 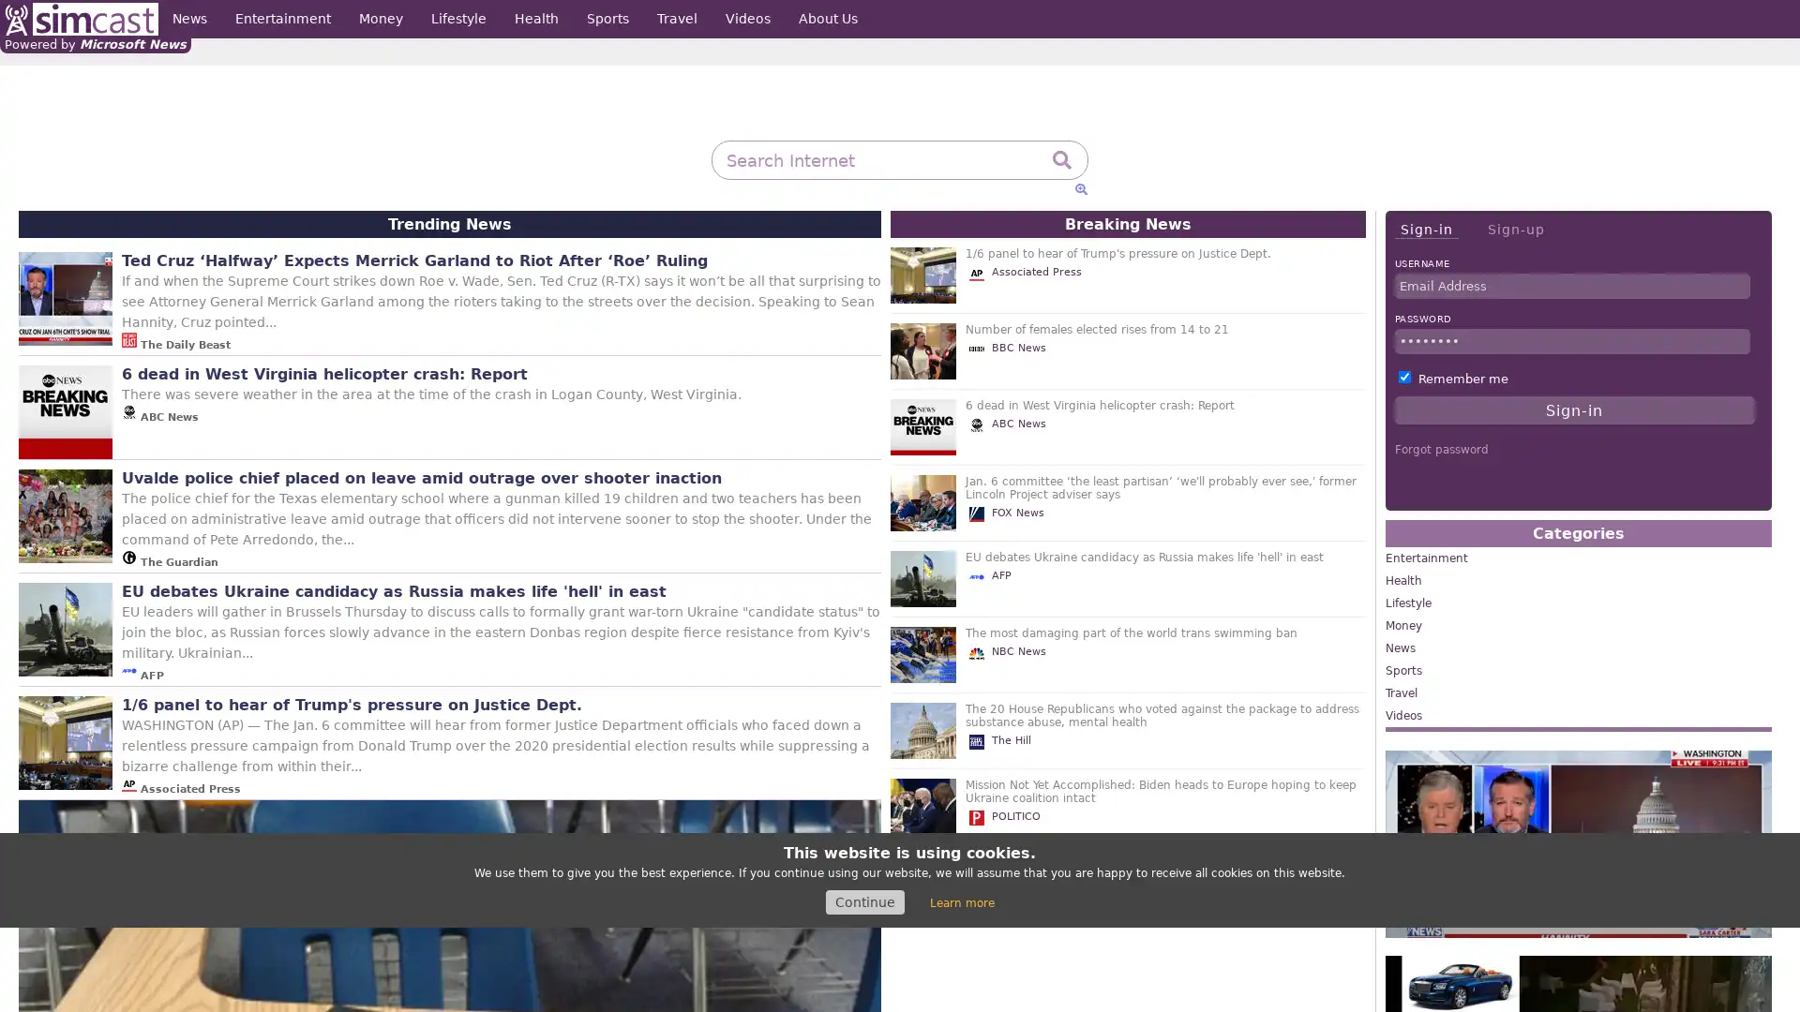 What do you see at coordinates (1515, 229) in the screenshot?
I see `Sign-up` at bounding box center [1515, 229].